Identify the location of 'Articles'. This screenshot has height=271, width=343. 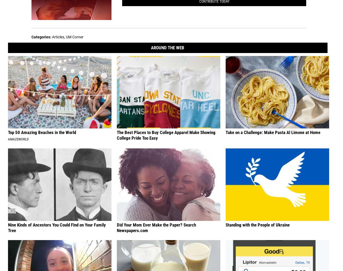
(58, 37).